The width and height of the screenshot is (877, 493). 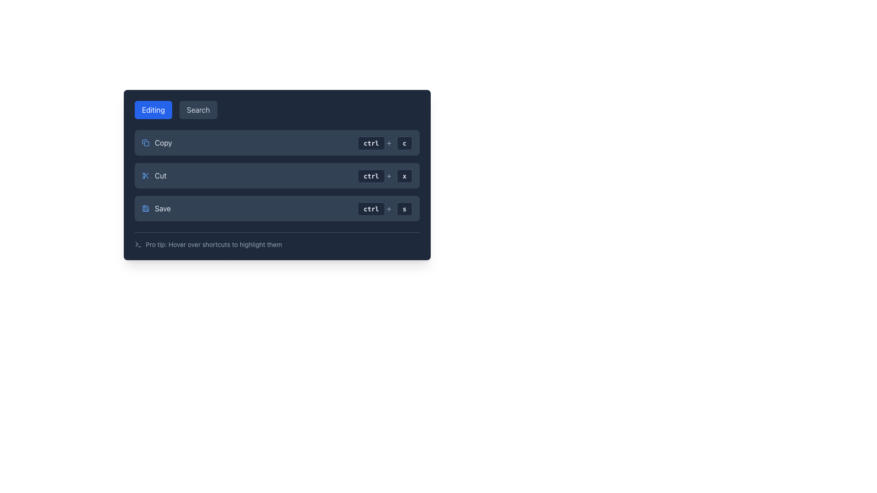 What do you see at coordinates (160, 176) in the screenshot?
I see `the 'Cut' text label inside the button, which is located as the second option in a vertical list of buttons, positioned directly below the 'Copy' option and above the 'Save' option` at bounding box center [160, 176].